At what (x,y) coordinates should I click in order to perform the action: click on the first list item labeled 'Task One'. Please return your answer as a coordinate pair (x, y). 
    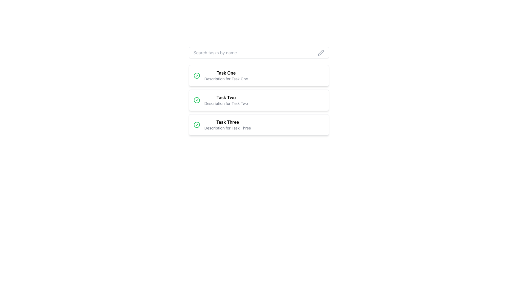
    Looking at the image, I should click on (258, 76).